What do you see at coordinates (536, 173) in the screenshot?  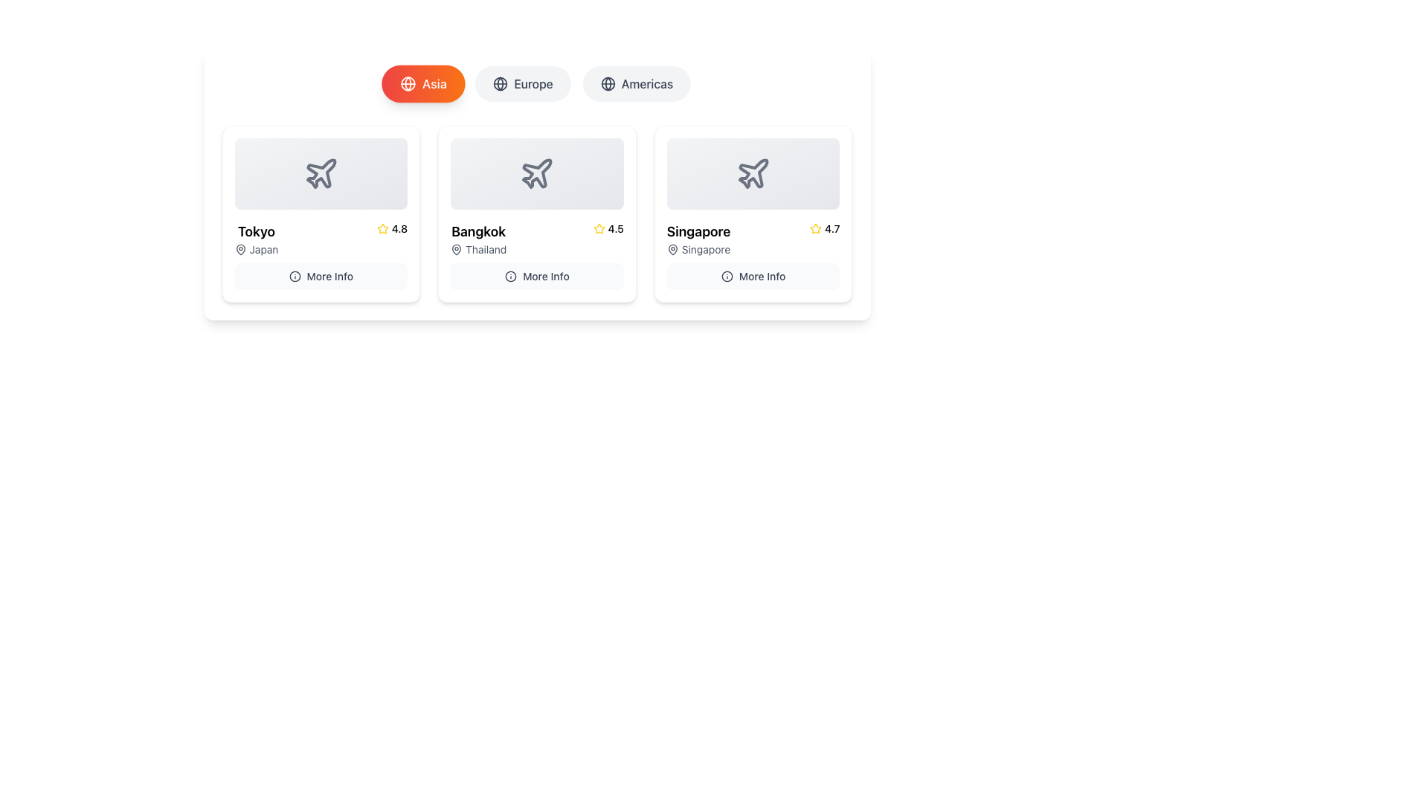 I see `the decorative vector icon indicating travel for the Bangkok destination card, which is the second card in the sequence of three cards beneath the navigation bar` at bounding box center [536, 173].